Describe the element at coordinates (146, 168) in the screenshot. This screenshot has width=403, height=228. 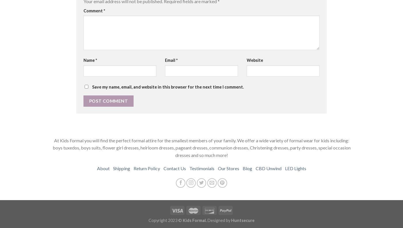
I see `'Return Policy'` at that location.